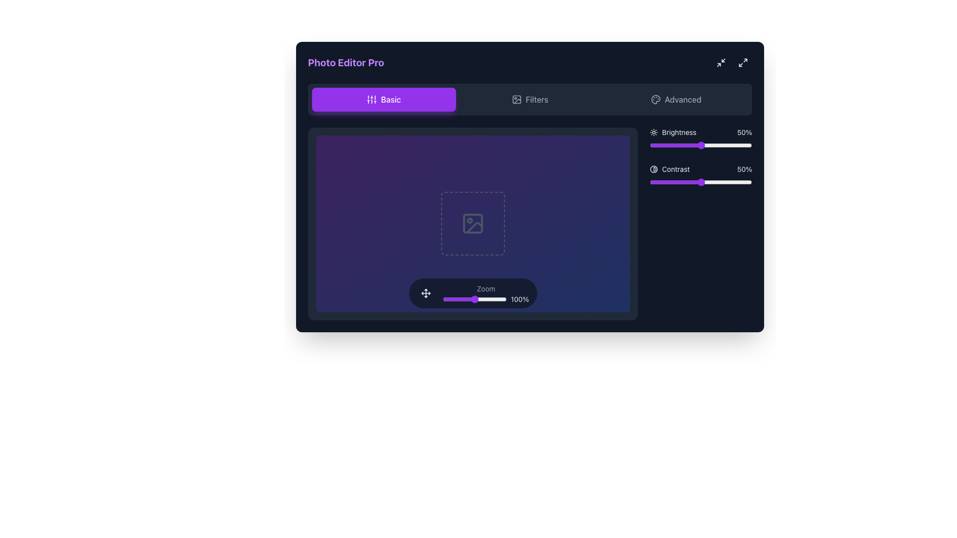  I want to click on the zoom level, so click(485, 298).